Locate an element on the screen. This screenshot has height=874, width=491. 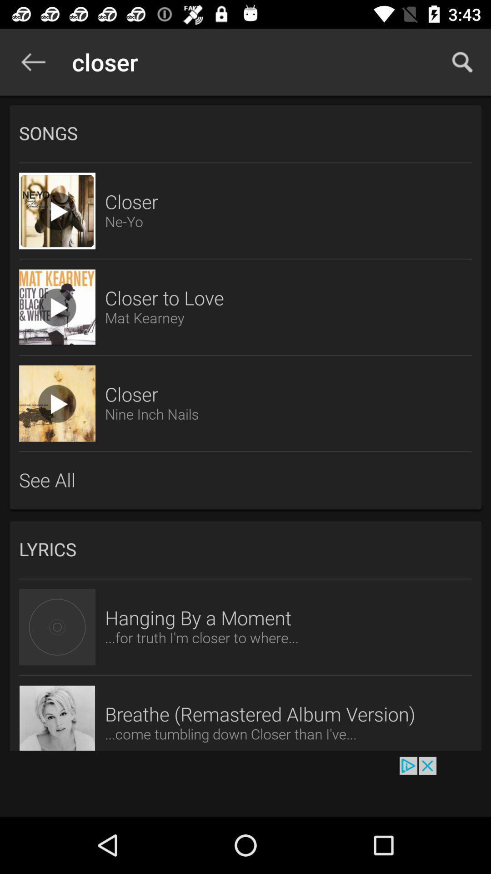
the play icon is located at coordinates (57, 403).